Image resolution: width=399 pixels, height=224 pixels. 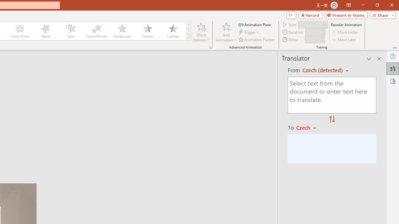 What do you see at coordinates (45, 31) in the screenshot?
I see `'Teeter'` at bounding box center [45, 31].